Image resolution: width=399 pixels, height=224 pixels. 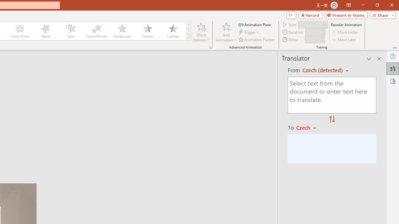 What do you see at coordinates (45, 31) in the screenshot?
I see `'Teeter'` at bounding box center [45, 31].